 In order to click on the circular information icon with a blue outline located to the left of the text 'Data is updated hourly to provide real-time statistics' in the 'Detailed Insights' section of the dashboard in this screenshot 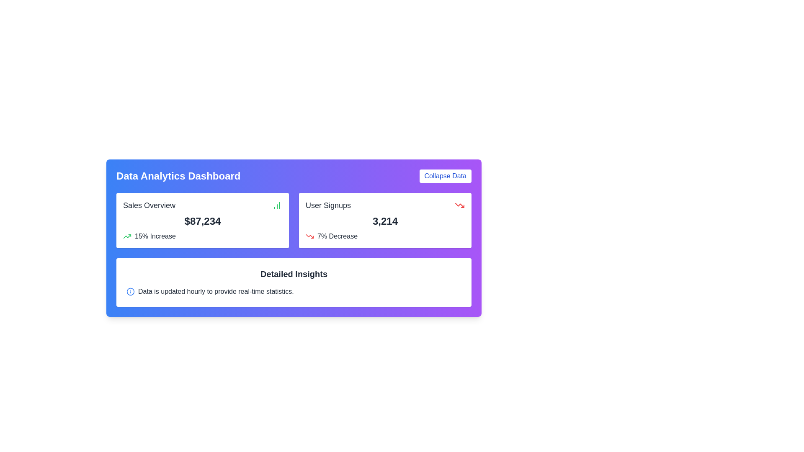, I will do `click(130, 291)`.